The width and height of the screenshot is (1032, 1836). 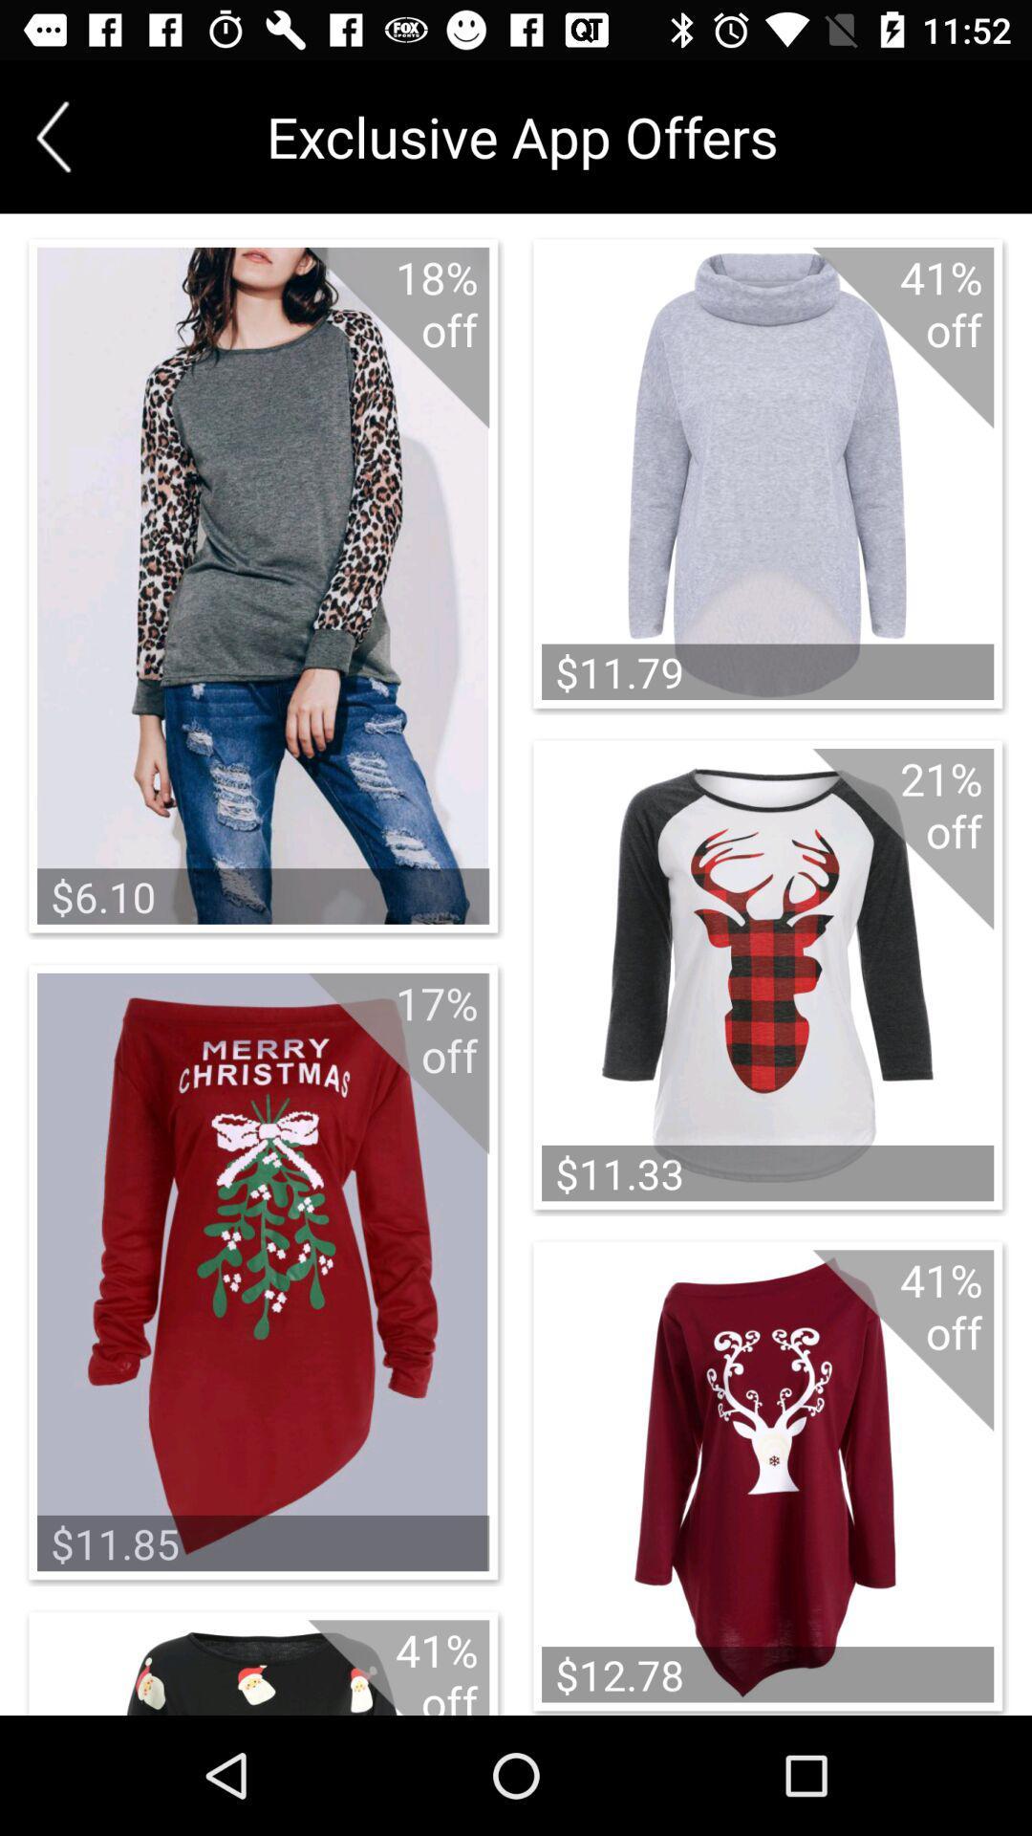 I want to click on icon next to the exclusive app offers, so click(x=53, y=136).